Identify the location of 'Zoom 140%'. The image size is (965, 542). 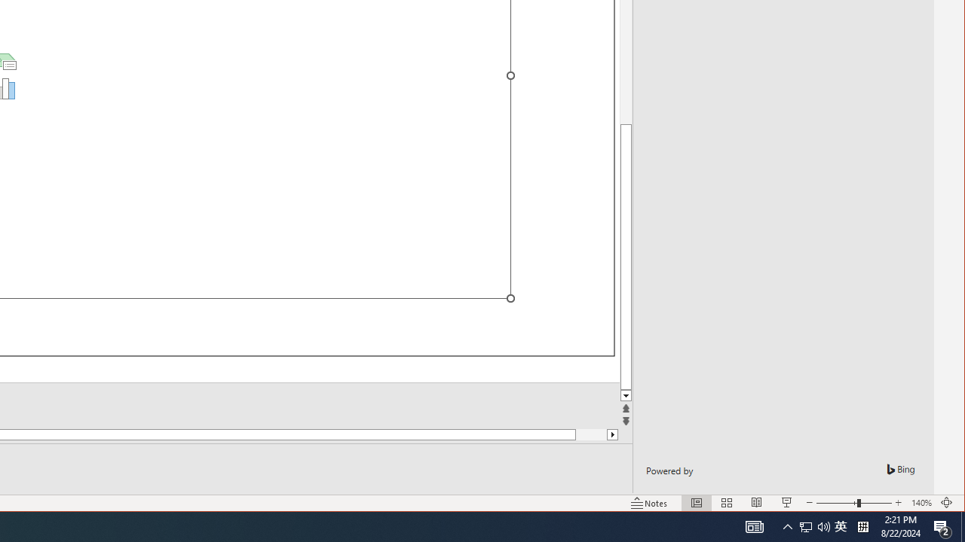
(921, 503).